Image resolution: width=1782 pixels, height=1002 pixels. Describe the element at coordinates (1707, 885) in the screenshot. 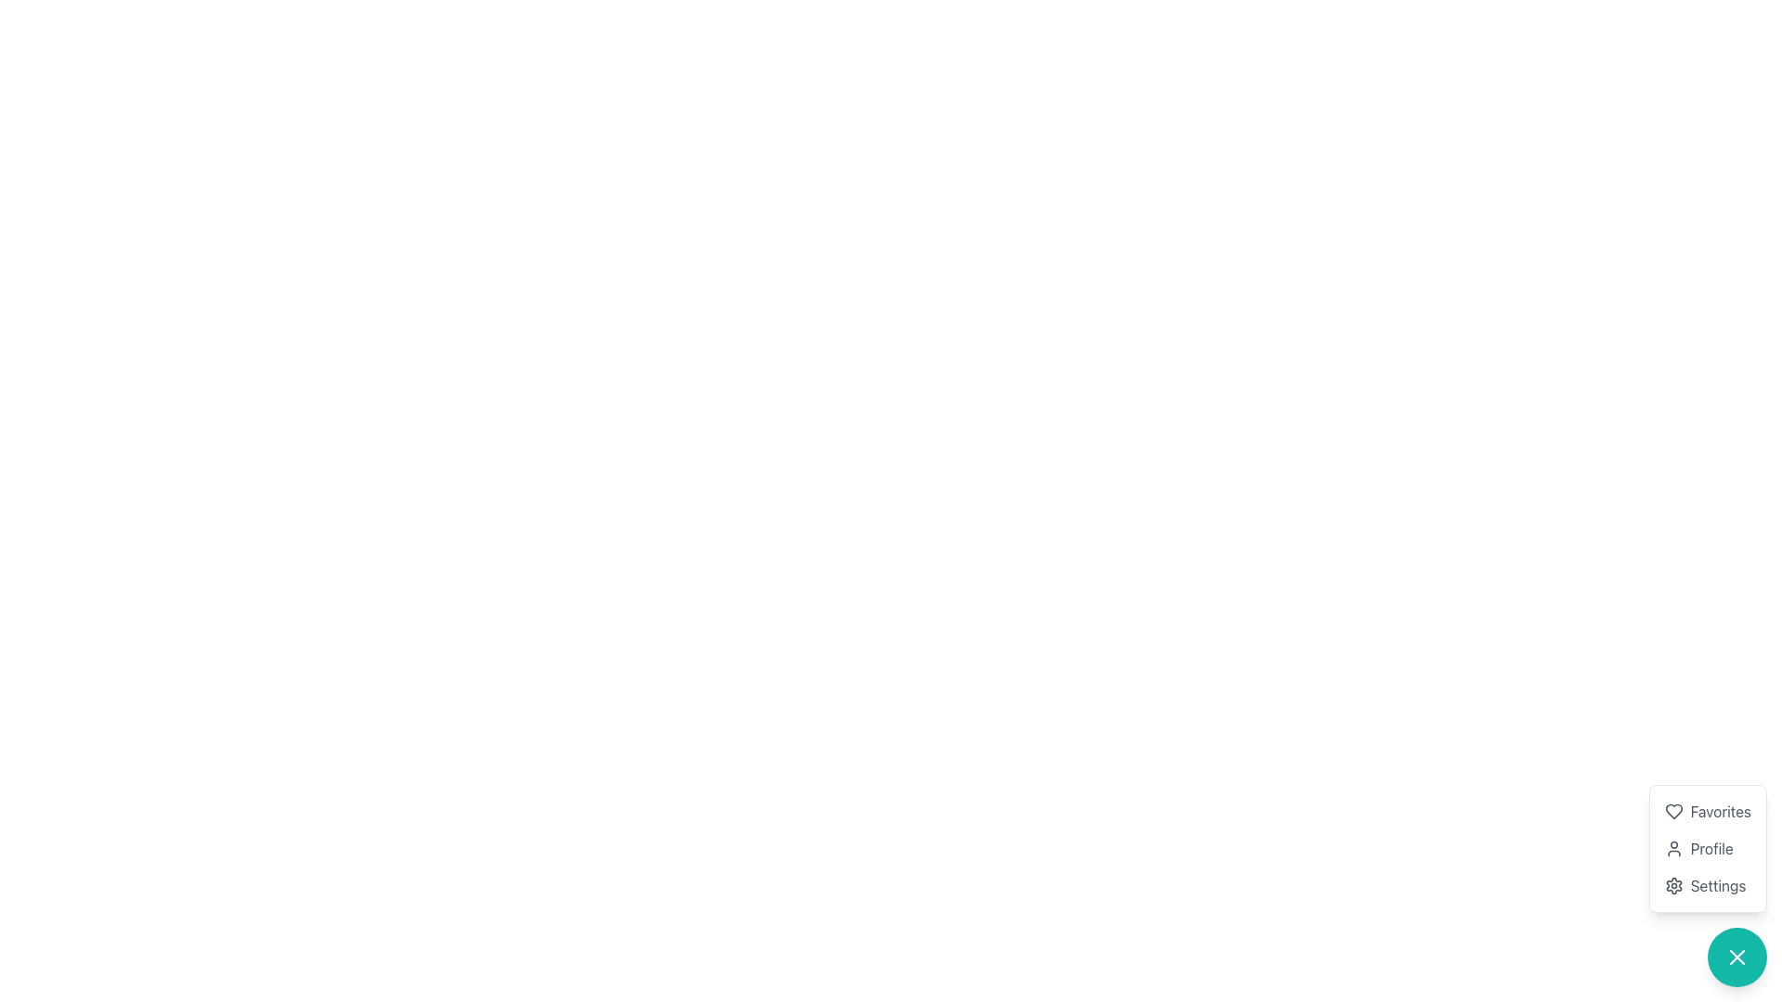

I see `the 'Settings' text label in the pop-up panel` at that location.